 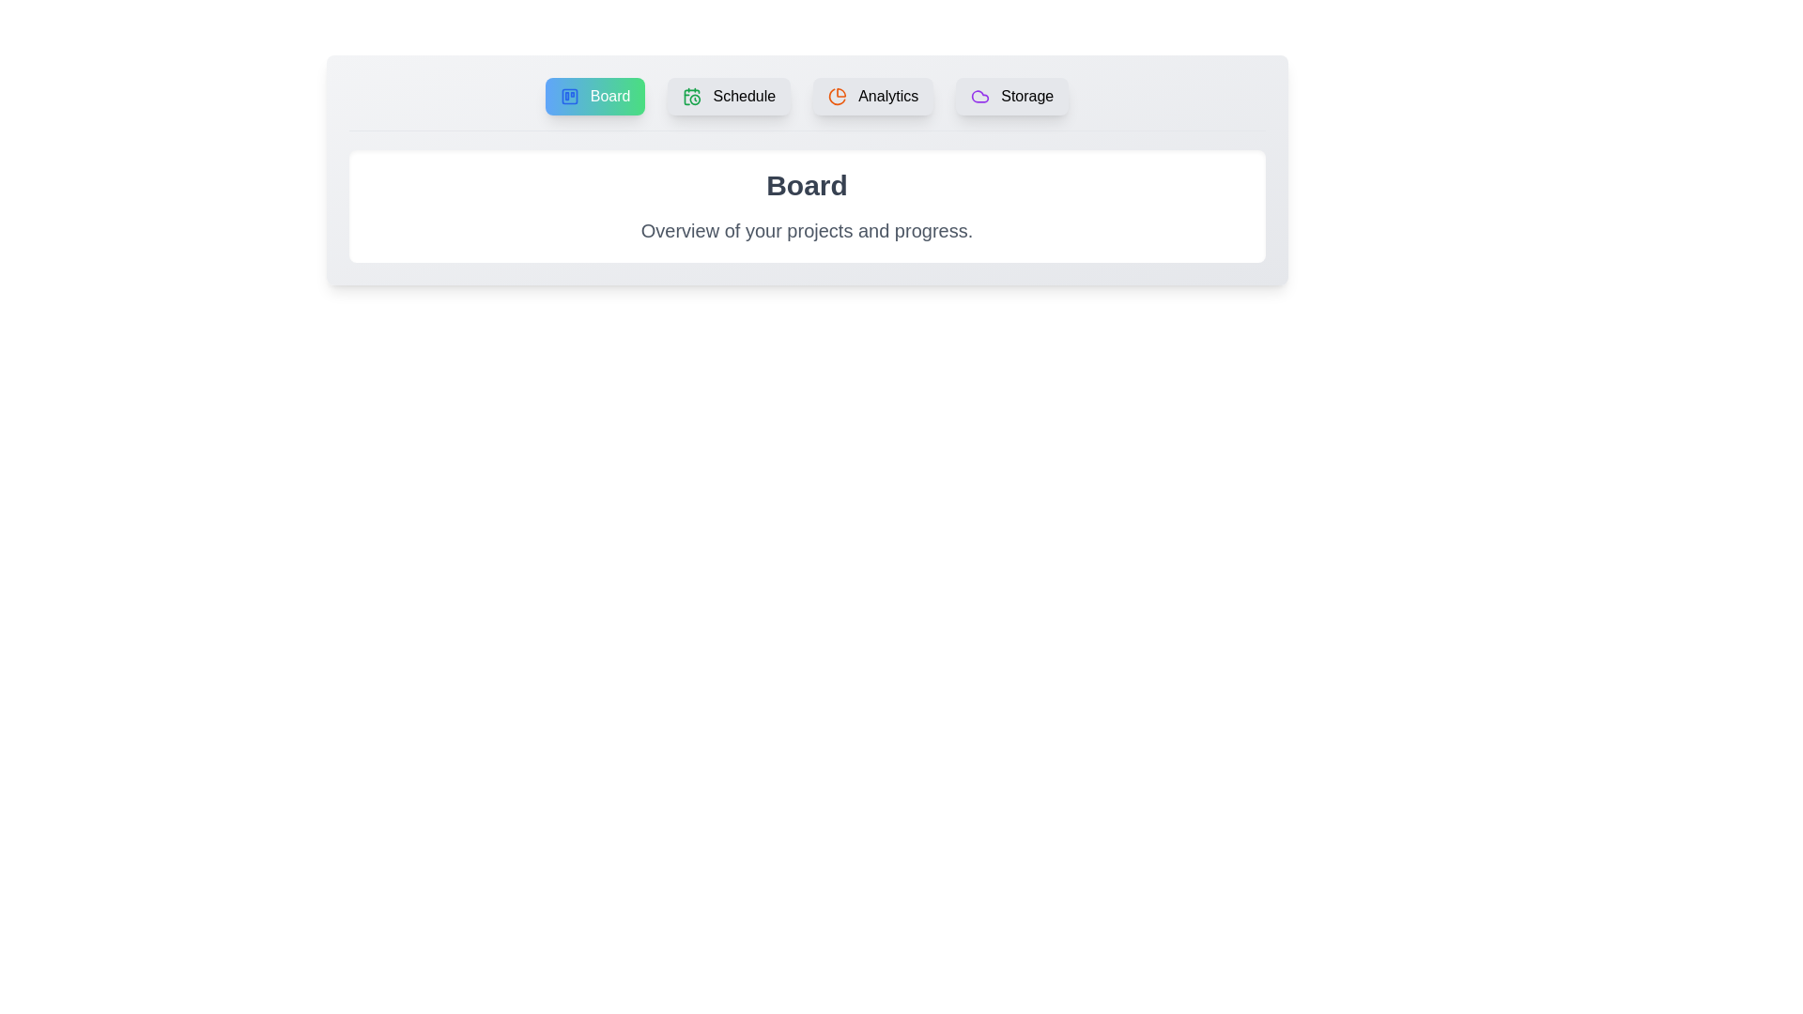 What do you see at coordinates (1011, 97) in the screenshot?
I see `the tab corresponding to Storage in the tab menu` at bounding box center [1011, 97].